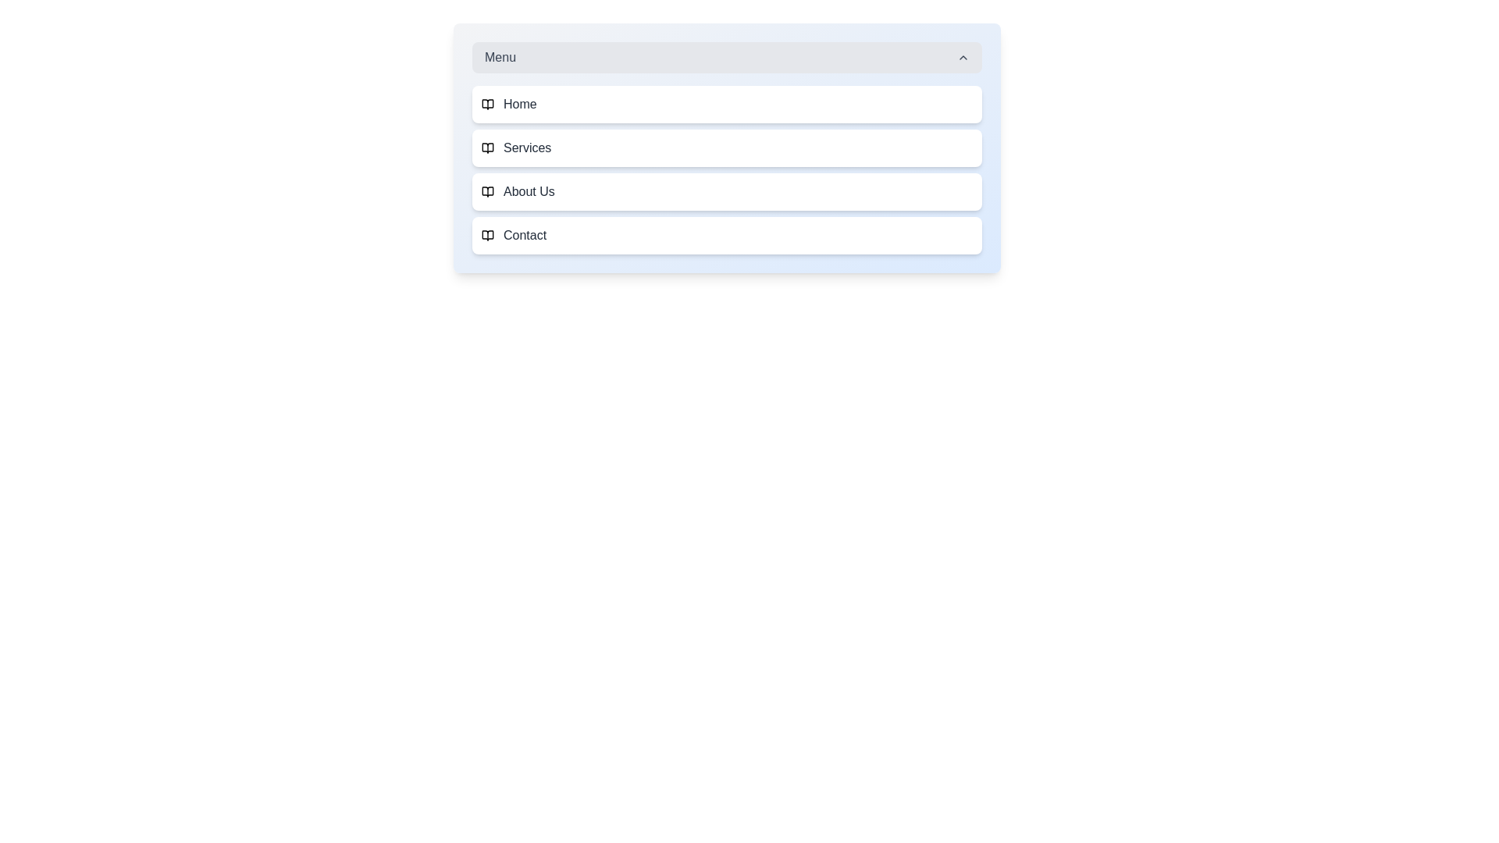 Image resolution: width=1499 pixels, height=843 pixels. What do you see at coordinates (525, 235) in the screenshot?
I see `the 'Contact' text label, which is the fourth item in a vertical list of menu options, positioned below 'Home,' 'Services,' and 'About Us'` at bounding box center [525, 235].